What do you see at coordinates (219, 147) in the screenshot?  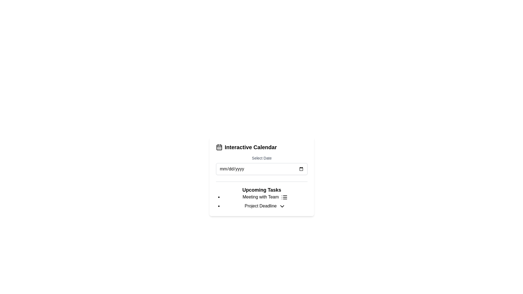 I see `the calendar icon located to the left of the 'Interactive Calendar' text in the top section of the interface` at bounding box center [219, 147].